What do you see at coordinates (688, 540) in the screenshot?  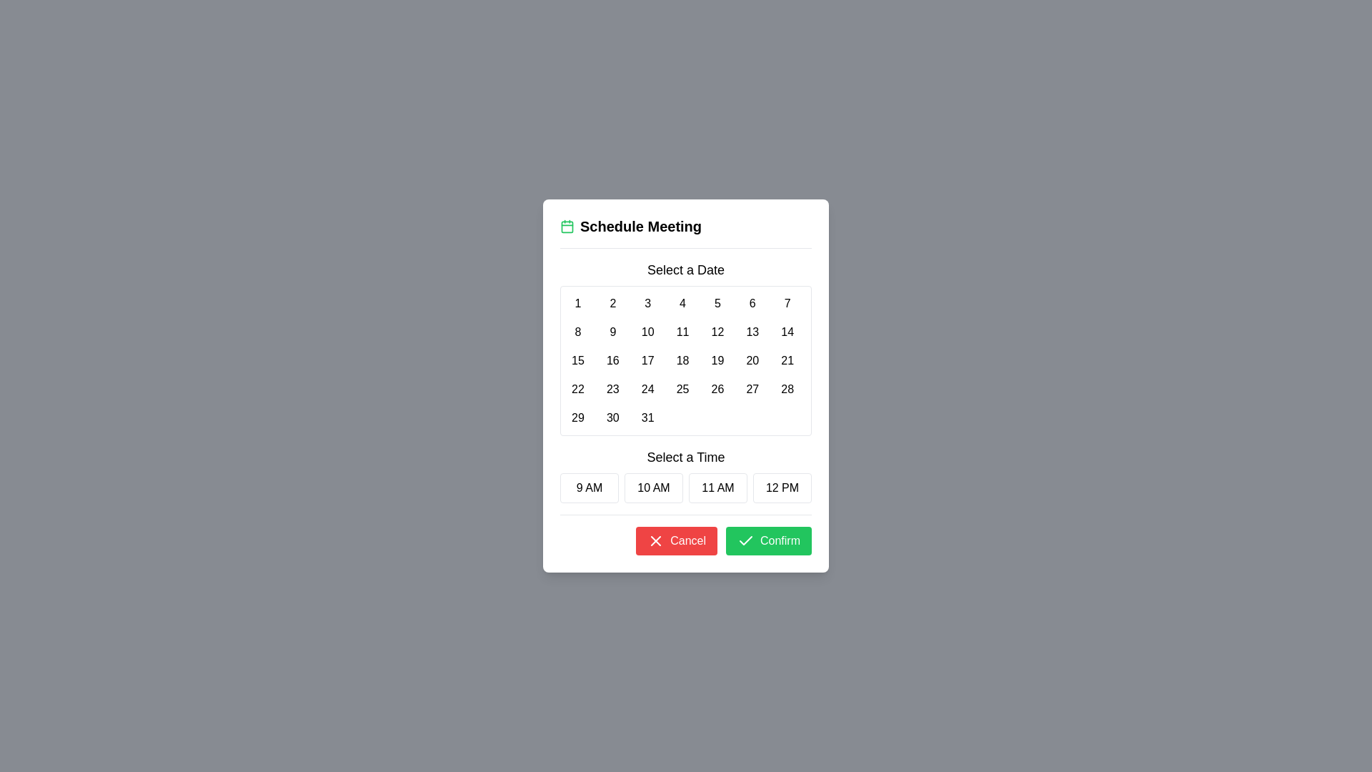 I see `the text label indicating the cancellation action that is part of the red button, which is located near the bottom of the dialog box` at bounding box center [688, 540].